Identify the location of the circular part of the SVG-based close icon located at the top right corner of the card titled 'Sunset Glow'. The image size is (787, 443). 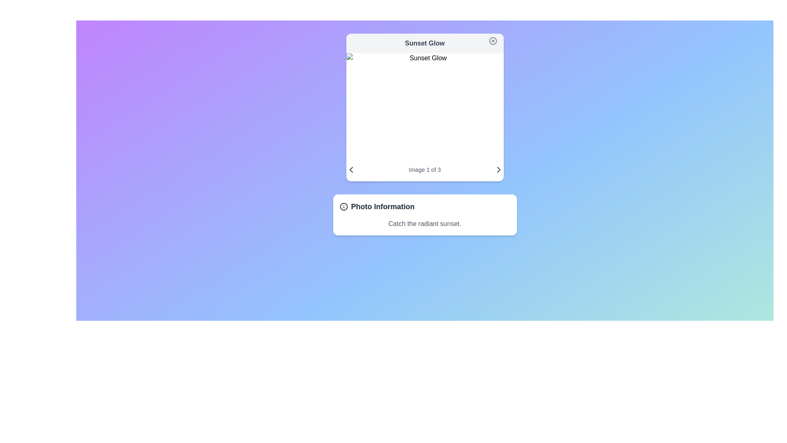
(492, 41).